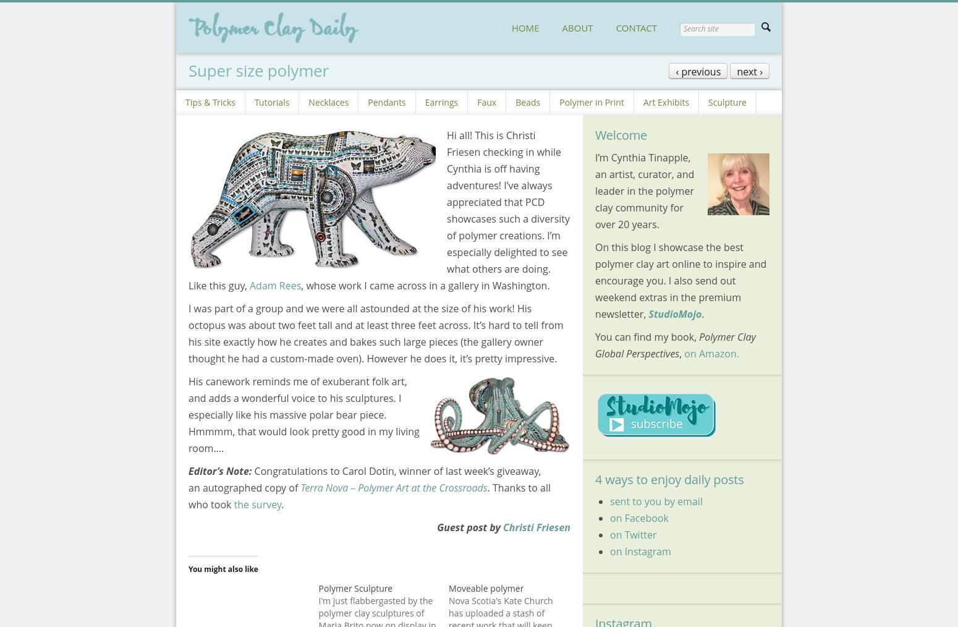 This screenshot has width=958, height=627. What do you see at coordinates (275, 285) in the screenshot?
I see `'Adam Rees'` at bounding box center [275, 285].